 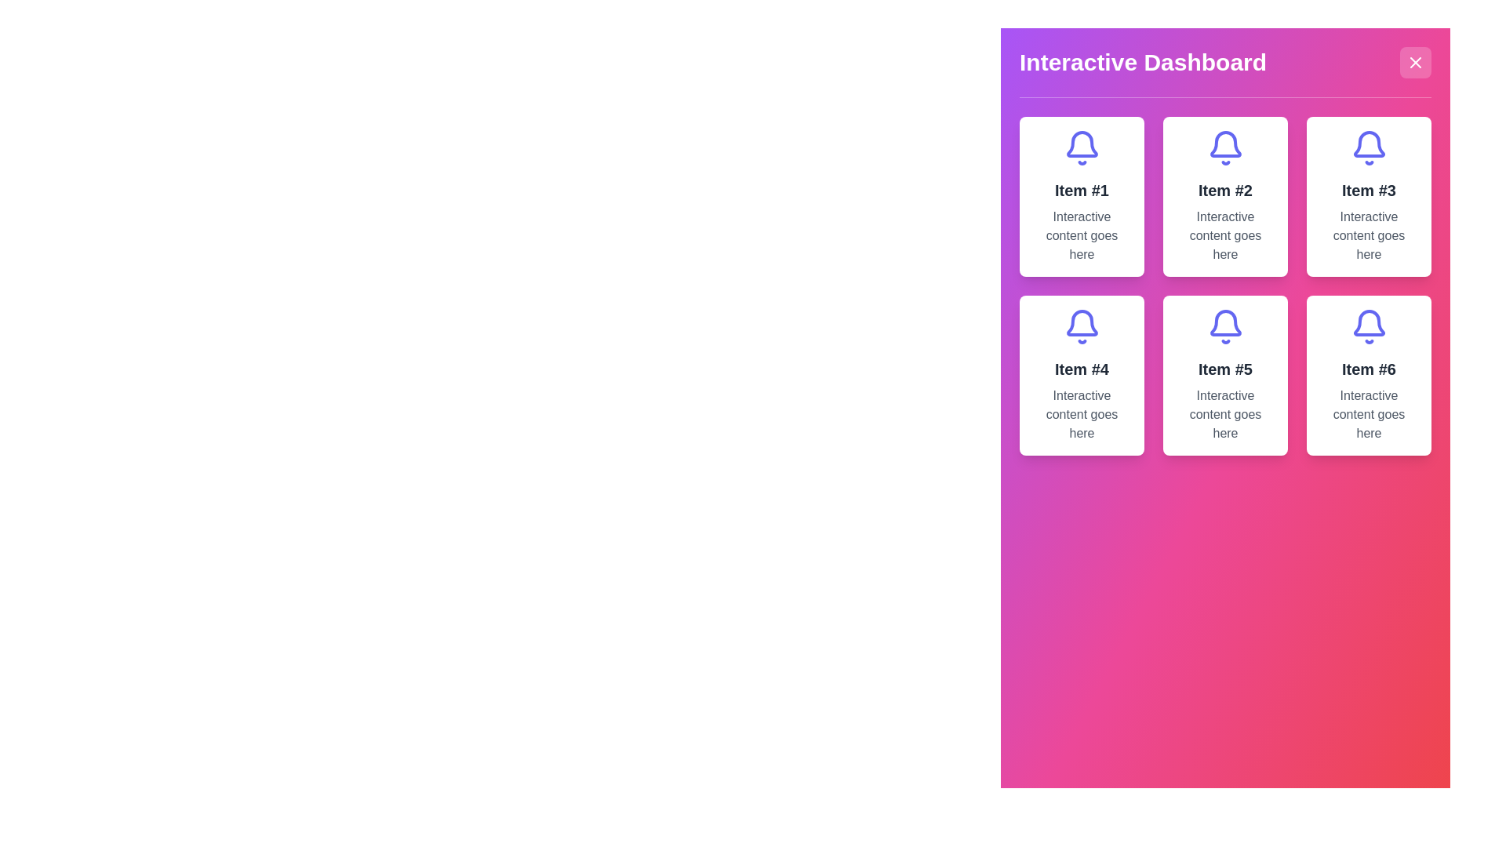 What do you see at coordinates (1368, 148) in the screenshot?
I see `the vibrant indigo bell icon located above the text 'Item #3' in the 'Interactive Dashboard' panel` at bounding box center [1368, 148].